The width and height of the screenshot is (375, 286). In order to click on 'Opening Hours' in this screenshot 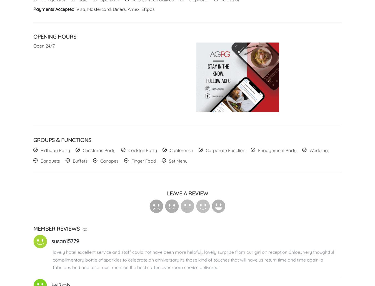, I will do `click(55, 36)`.